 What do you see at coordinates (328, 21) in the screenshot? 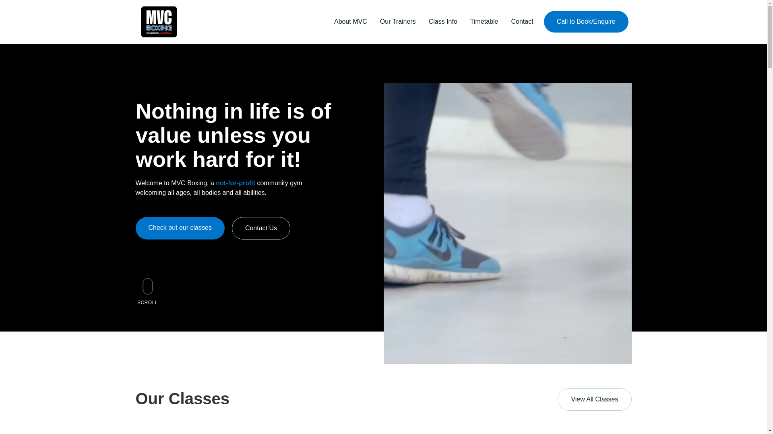
I see `'About MVC'` at bounding box center [328, 21].